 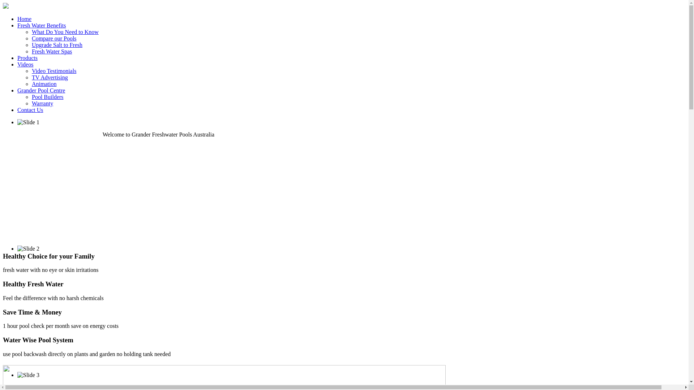 What do you see at coordinates (53, 71) in the screenshot?
I see `'Video Testimonials'` at bounding box center [53, 71].